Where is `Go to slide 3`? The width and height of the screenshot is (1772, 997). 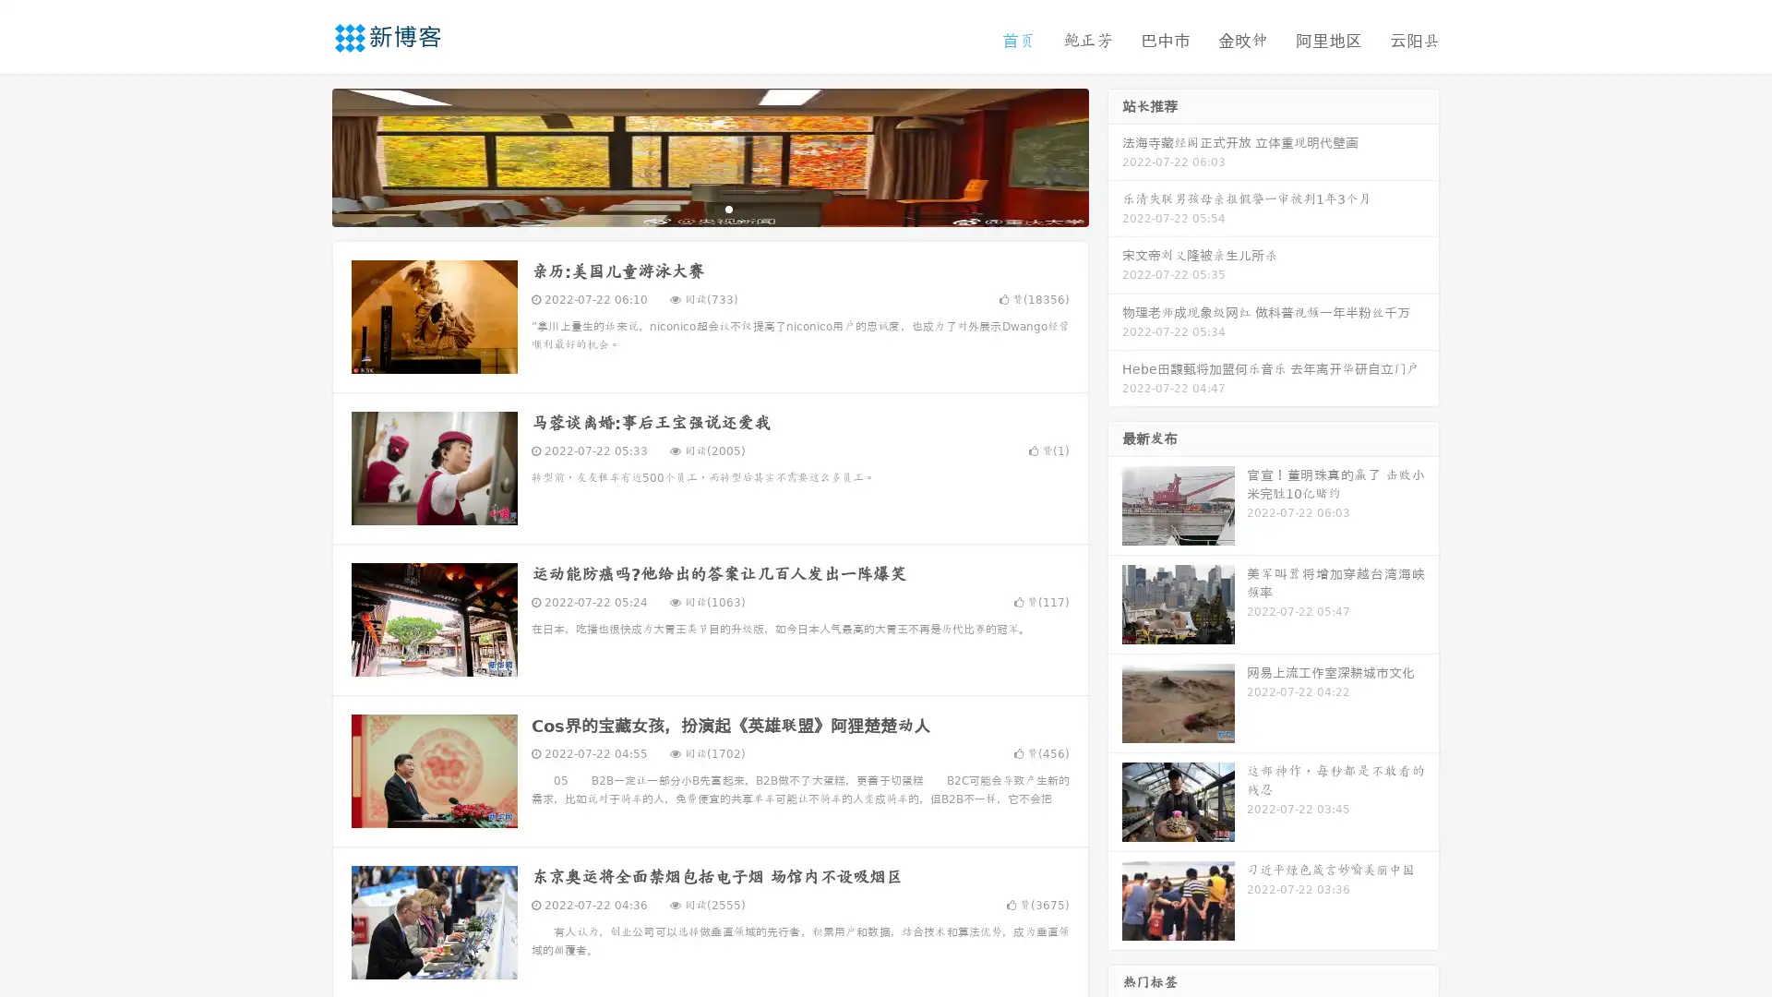
Go to slide 3 is located at coordinates (728, 208).